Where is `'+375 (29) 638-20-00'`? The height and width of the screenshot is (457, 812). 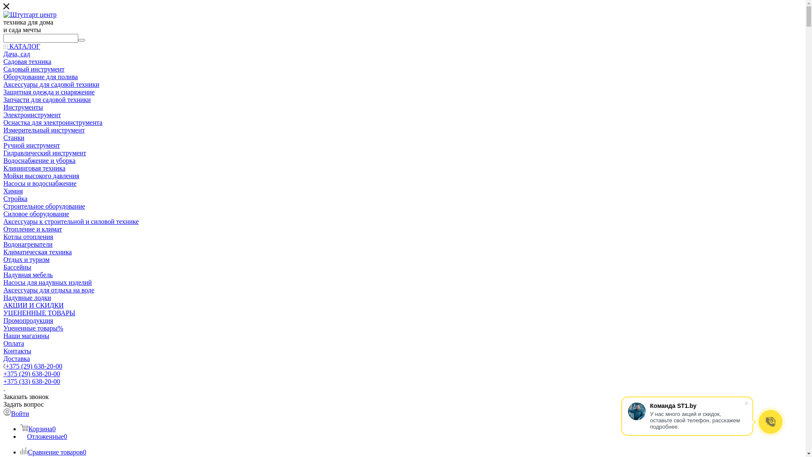 '+375 (29) 638-20-00' is located at coordinates (3, 373).